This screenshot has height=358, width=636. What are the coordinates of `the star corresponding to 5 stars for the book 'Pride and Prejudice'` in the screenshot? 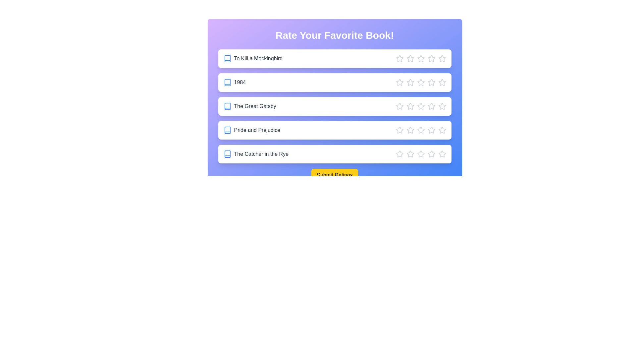 It's located at (442, 130).